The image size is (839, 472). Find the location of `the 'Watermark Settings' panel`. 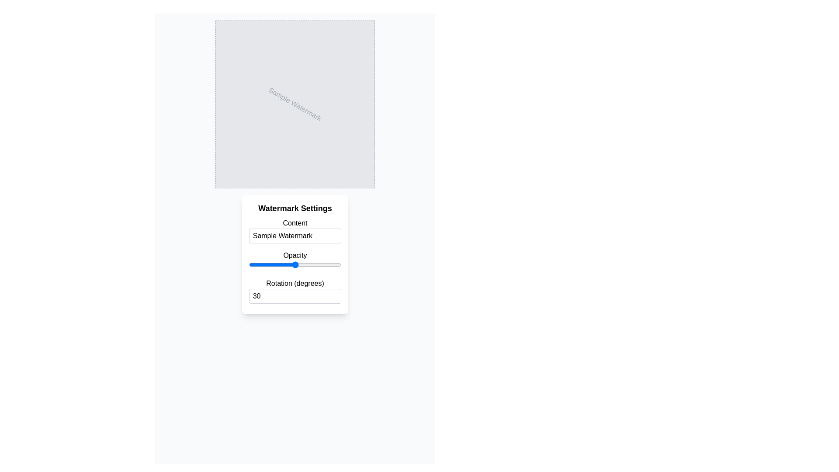

the 'Watermark Settings' panel is located at coordinates (295, 254).